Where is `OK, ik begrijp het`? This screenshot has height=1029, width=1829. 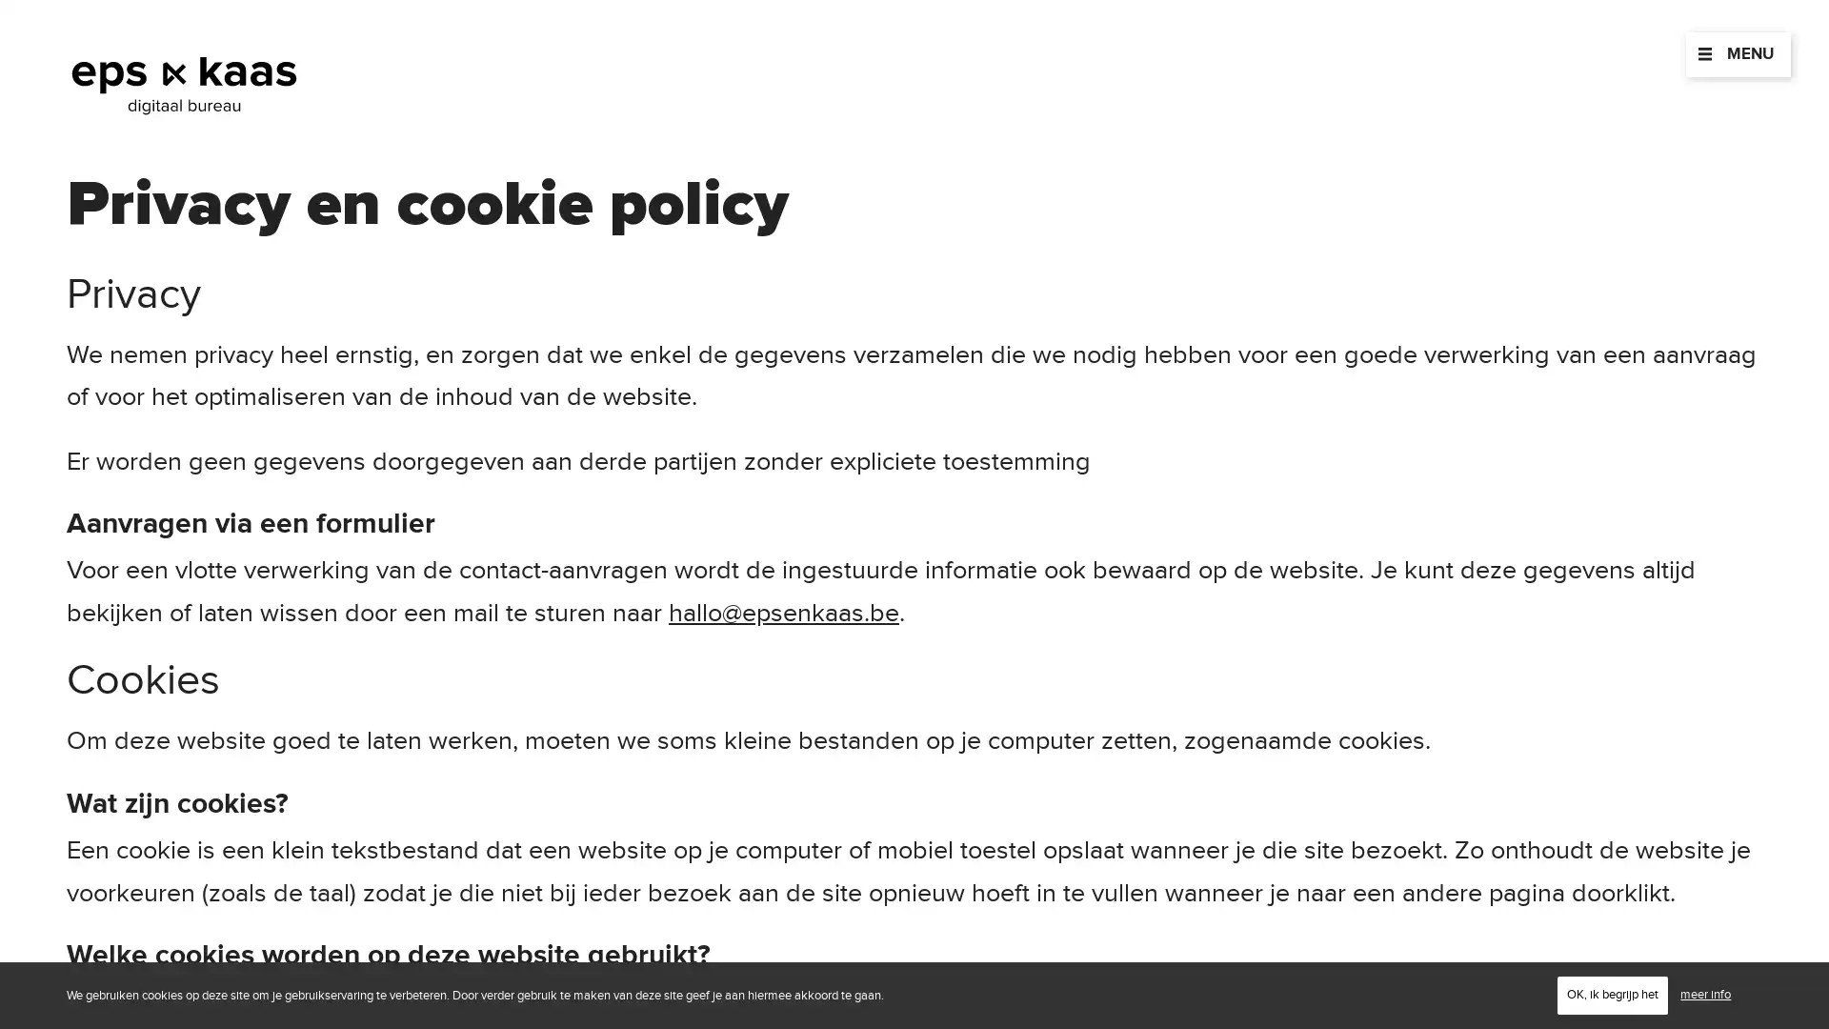
OK, ik begrijp het is located at coordinates (1612, 994).